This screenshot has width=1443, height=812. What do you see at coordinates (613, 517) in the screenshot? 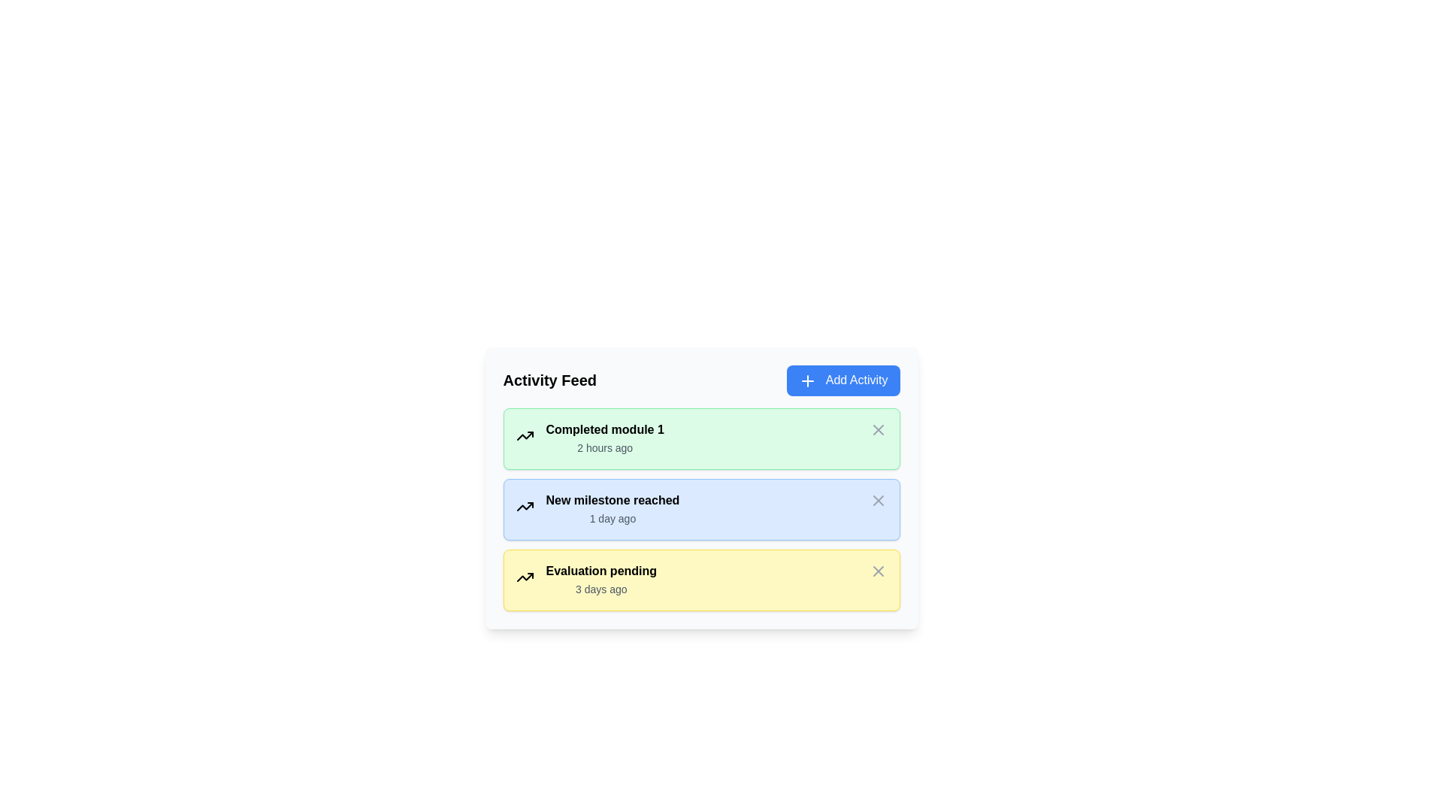
I see `the static text element that displays the timestamp, located on the right-hand side beneath the 'New milestone reached' text in the second activity feed card` at bounding box center [613, 517].